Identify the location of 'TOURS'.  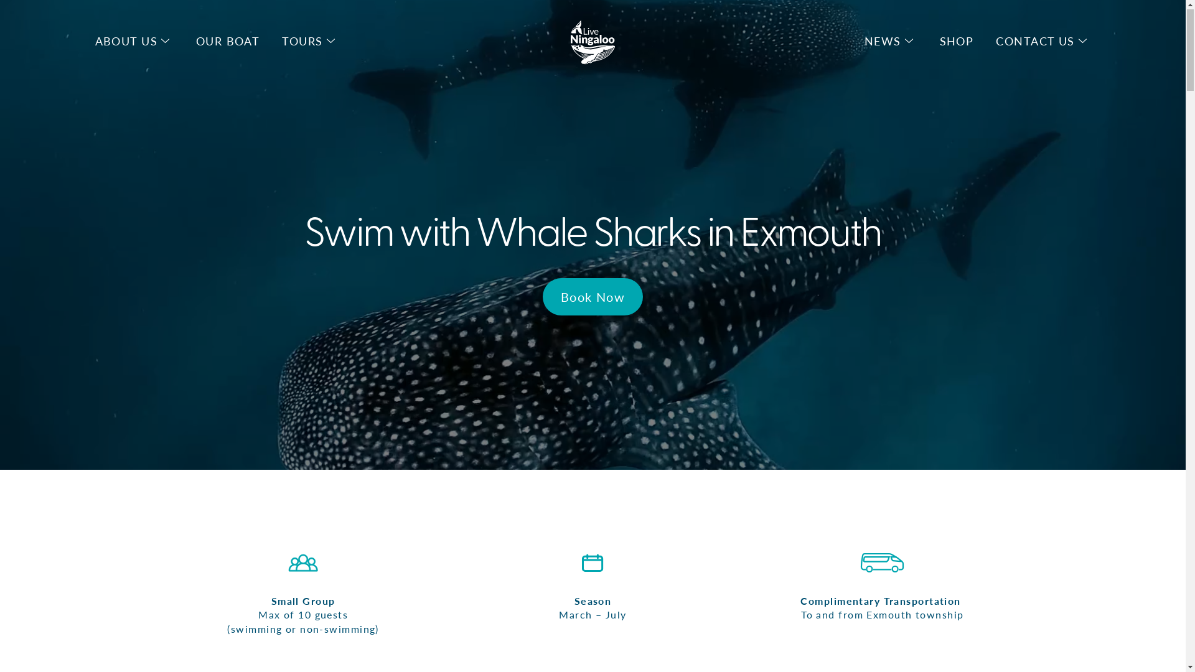
(302, 40).